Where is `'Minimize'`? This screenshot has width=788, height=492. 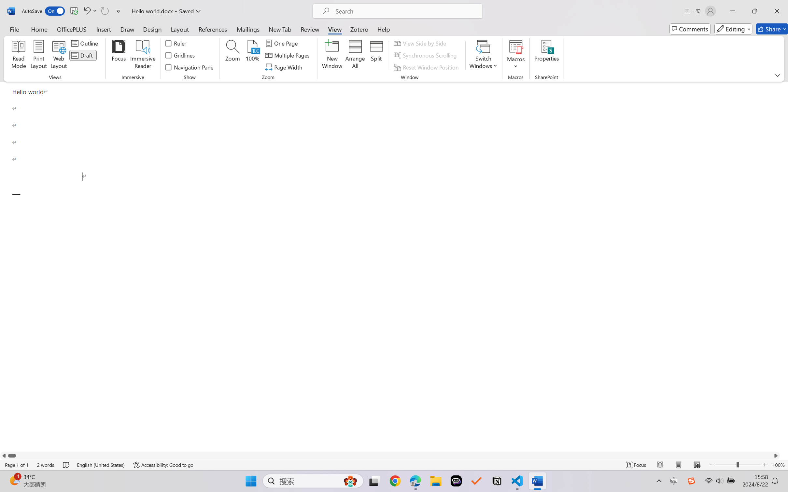
'Minimize' is located at coordinates (733, 11).